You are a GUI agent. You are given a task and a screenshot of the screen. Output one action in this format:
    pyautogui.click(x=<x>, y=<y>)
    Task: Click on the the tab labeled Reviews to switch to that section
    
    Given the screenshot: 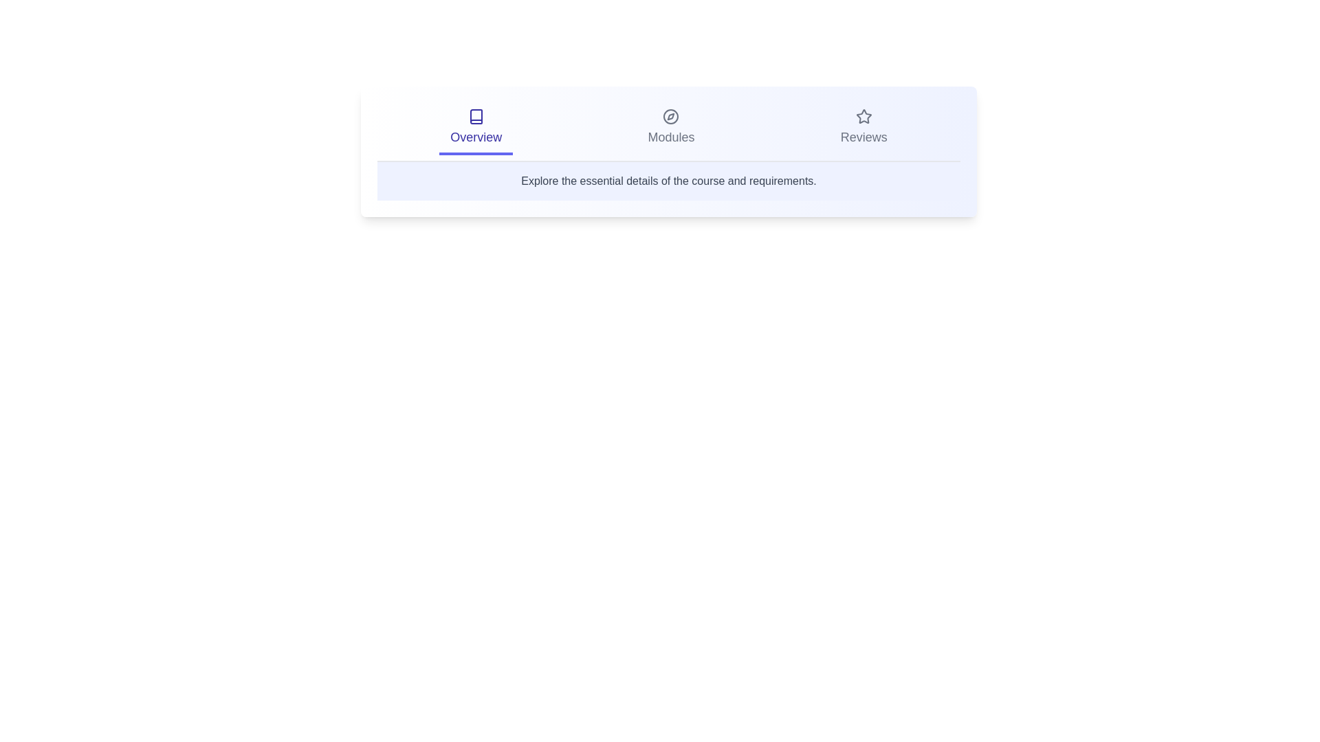 What is the action you would take?
    pyautogui.click(x=863, y=129)
    